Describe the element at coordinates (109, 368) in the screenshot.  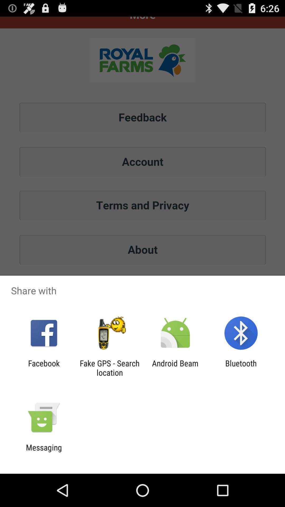
I see `the fake gps search` at that location.